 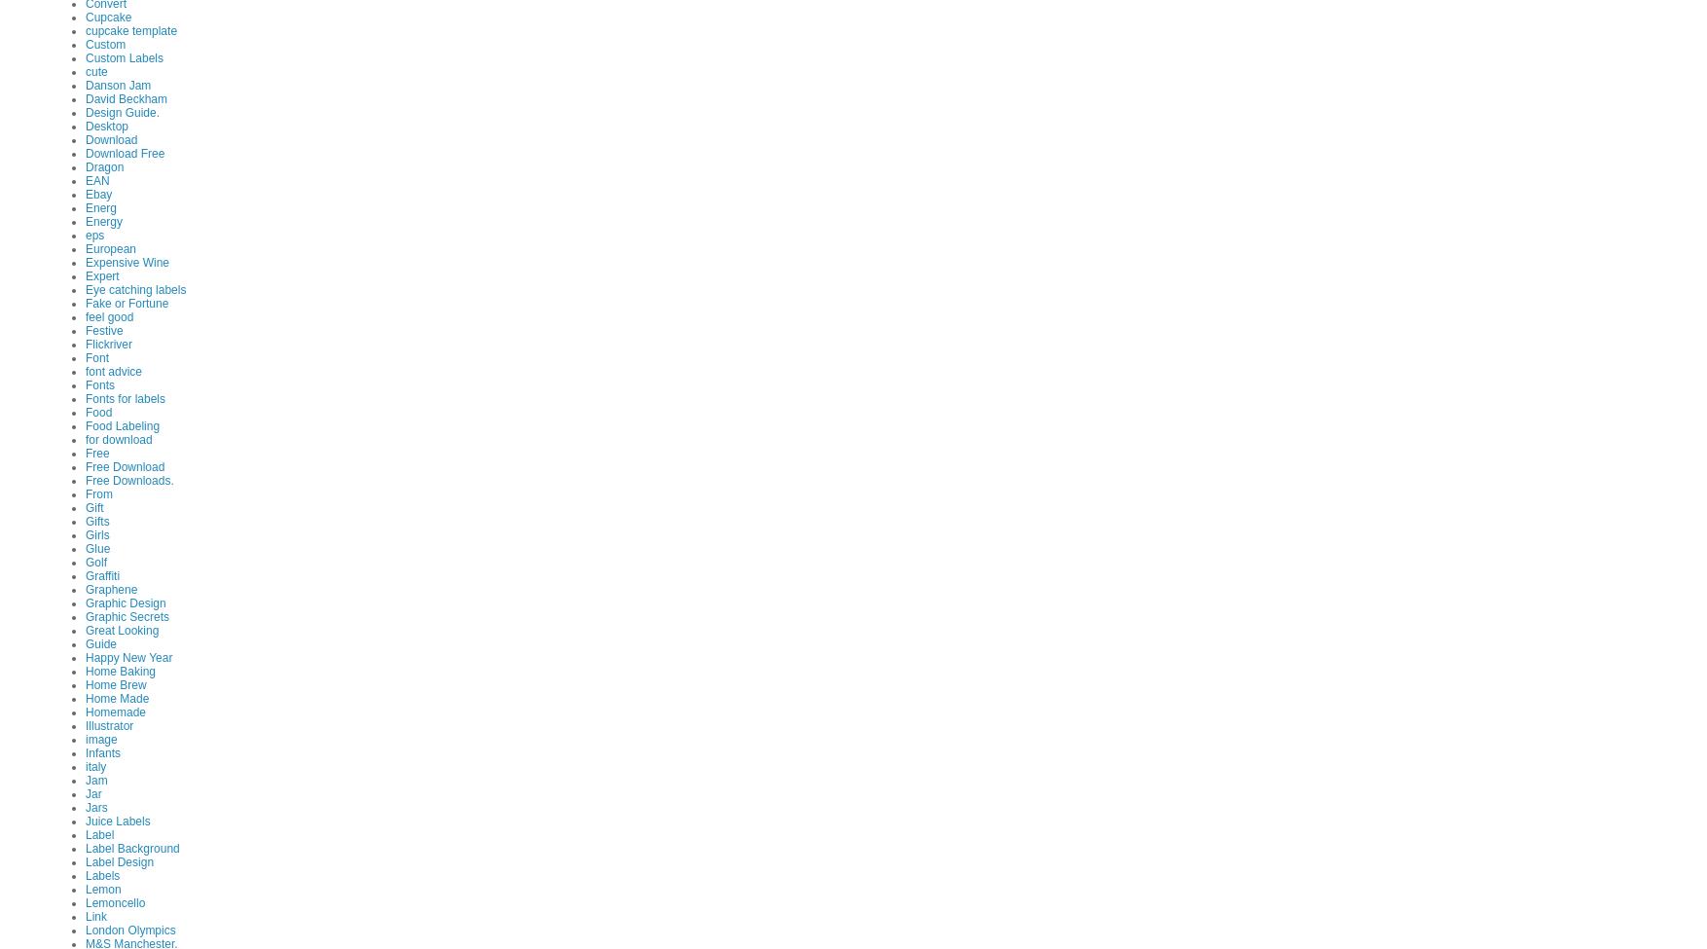 I want to click on 'Jam', so click(x=94, y=779).